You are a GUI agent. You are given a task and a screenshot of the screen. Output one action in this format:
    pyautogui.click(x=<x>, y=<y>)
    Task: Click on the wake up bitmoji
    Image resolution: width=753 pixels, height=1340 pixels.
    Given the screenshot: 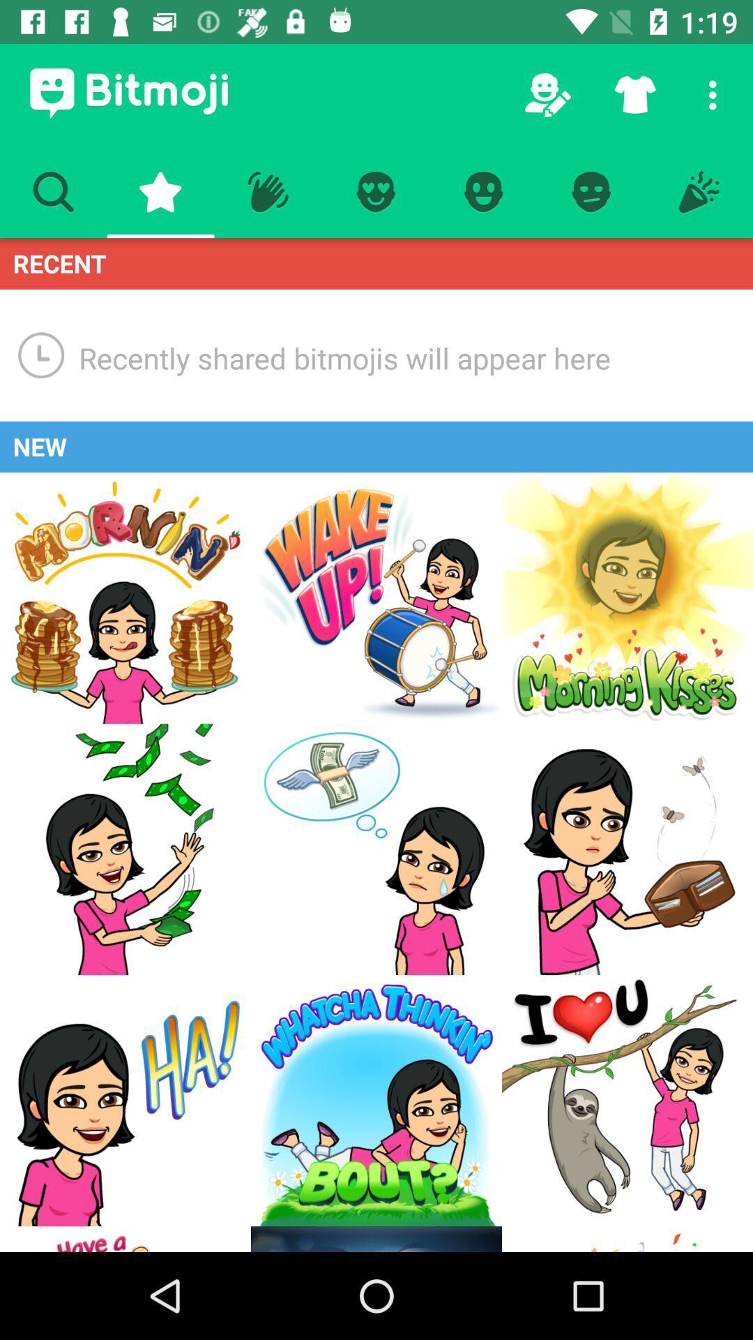 What is the action you would take?
    pyautogui.click(x=376, y=598)
    